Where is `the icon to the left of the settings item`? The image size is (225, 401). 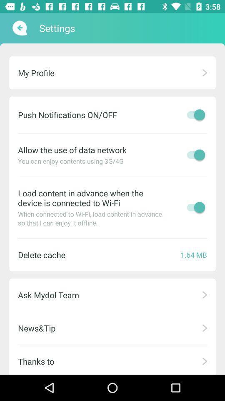 the icon to the left of the settings item is located at coordinates (19, 28).